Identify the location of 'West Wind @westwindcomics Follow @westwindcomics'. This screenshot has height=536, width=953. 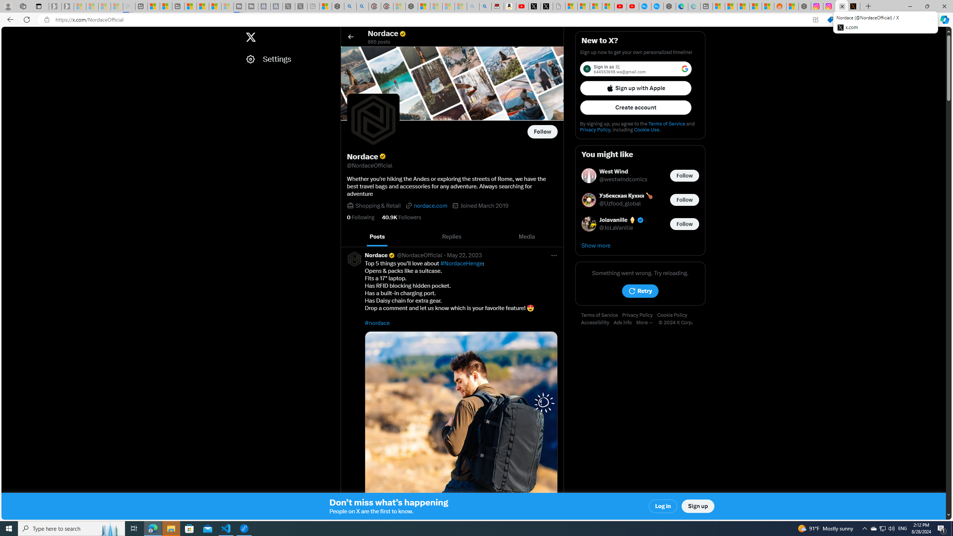
(640, 175).